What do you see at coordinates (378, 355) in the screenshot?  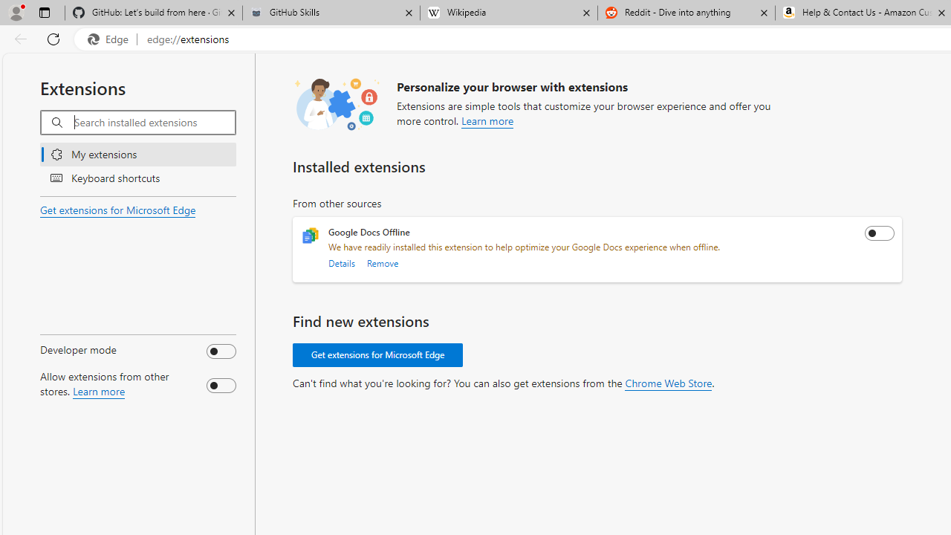 I see `'Get extensions for Microsoft Edge'` at bounding box center [378, 355].